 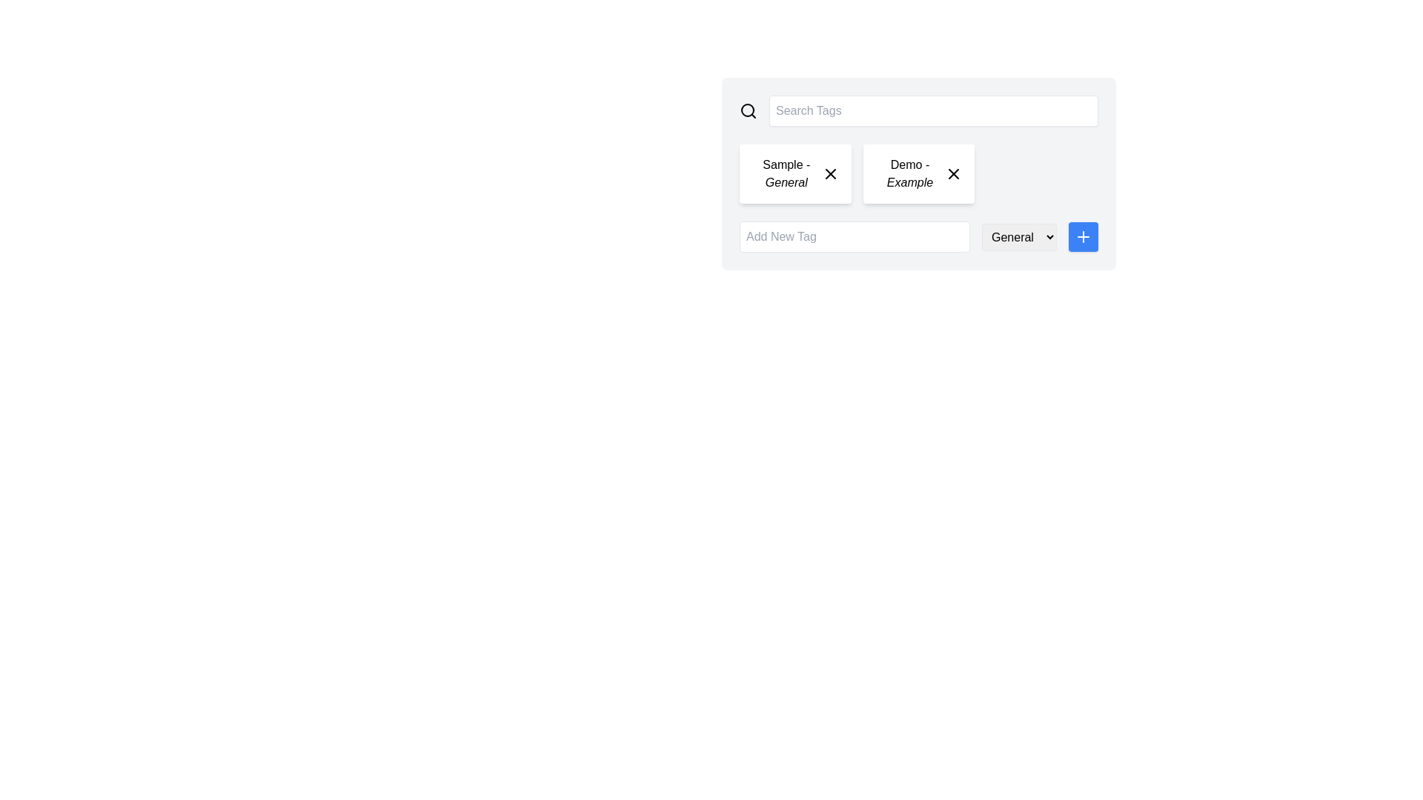 What do you see at coordinates (953, 173) in the screenshot?
I see `the close or delete button located at the top-right corner of the 'Demo - Example' tag` at bounding box center [953, 173].